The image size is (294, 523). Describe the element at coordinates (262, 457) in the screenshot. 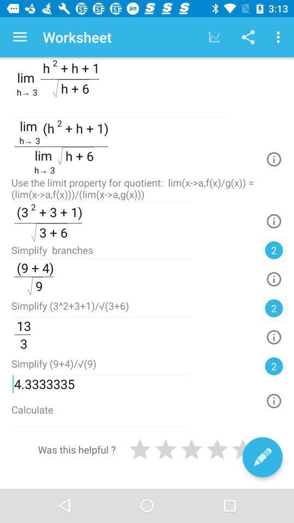

I see `the edit icon` at that location.